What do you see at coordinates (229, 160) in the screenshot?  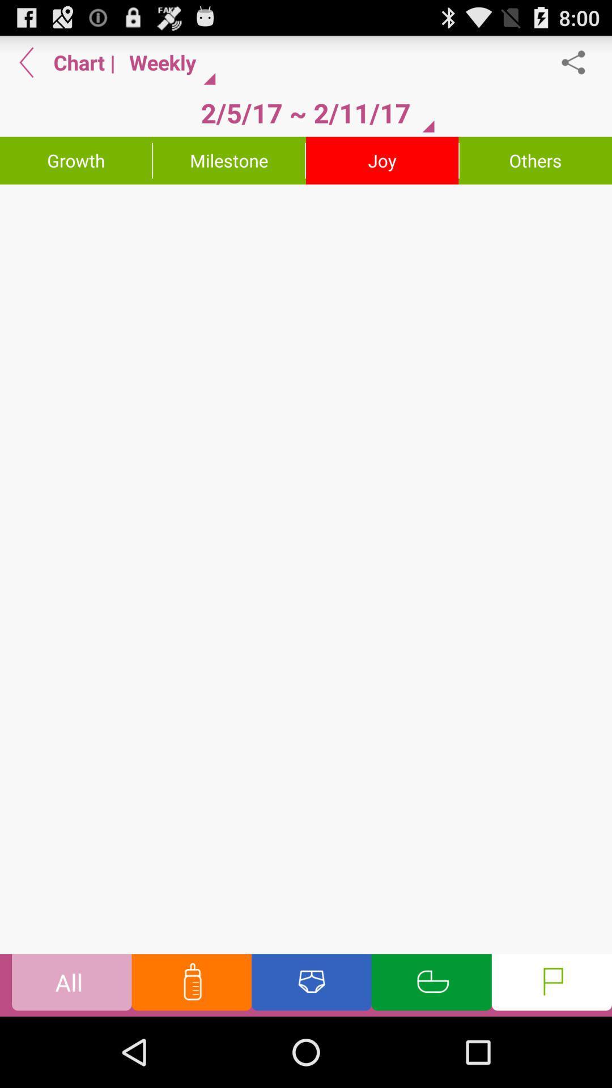 I see `item below 2 5 17 button` at bounding box center [229, 160].